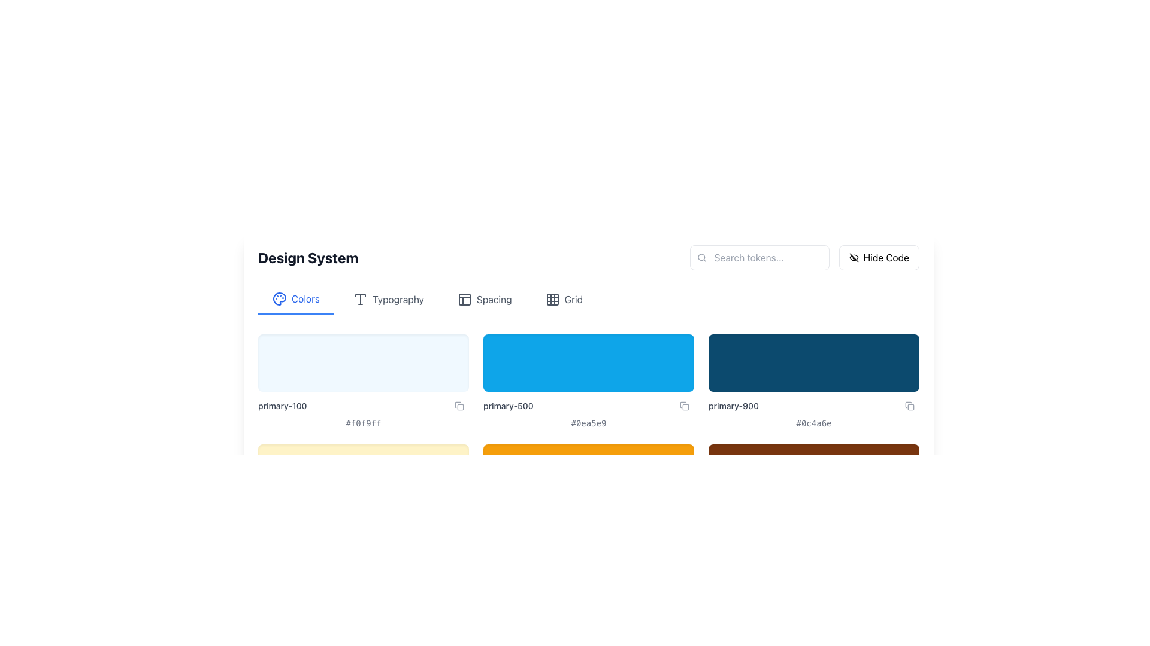 The width and height of the screenshot is (1150, 646). I want to click on the input box within the header section of the Design System to type text, so click(589, 257).